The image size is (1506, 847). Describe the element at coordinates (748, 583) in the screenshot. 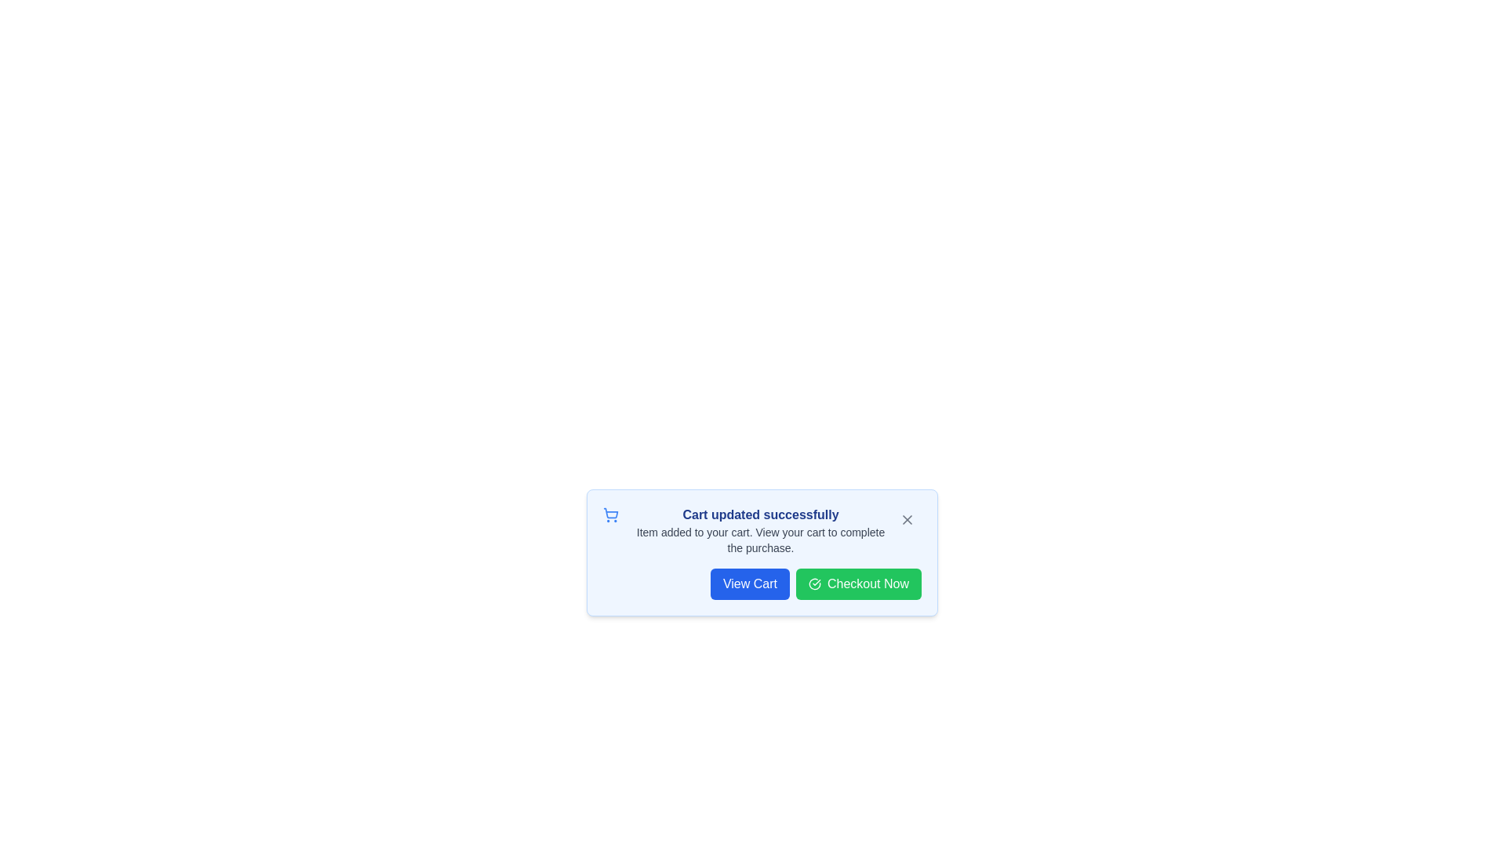

I see `the 'View Cart' button` at that location.